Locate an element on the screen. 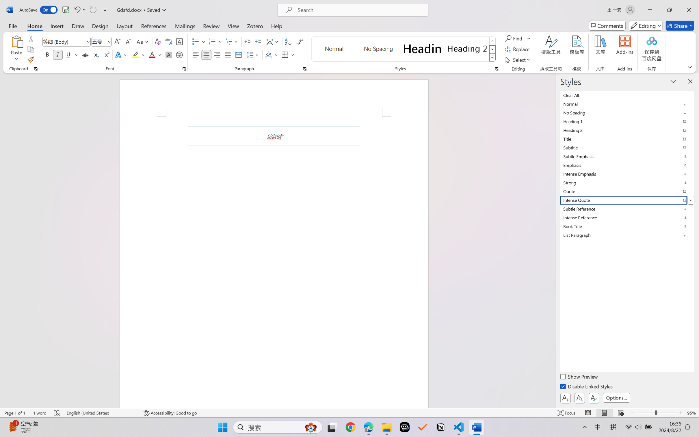 The image size is (699, 437). 'Change Case' is located at coordinates (142, 42).